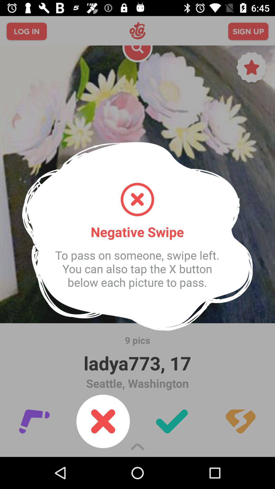 Image resolution: width=275 pixels, height=489 pixels. What do you see at coordinates (241, 422) in the screenshot?
I see `the icon to the right of tick option` at bounding box center [241, 422].